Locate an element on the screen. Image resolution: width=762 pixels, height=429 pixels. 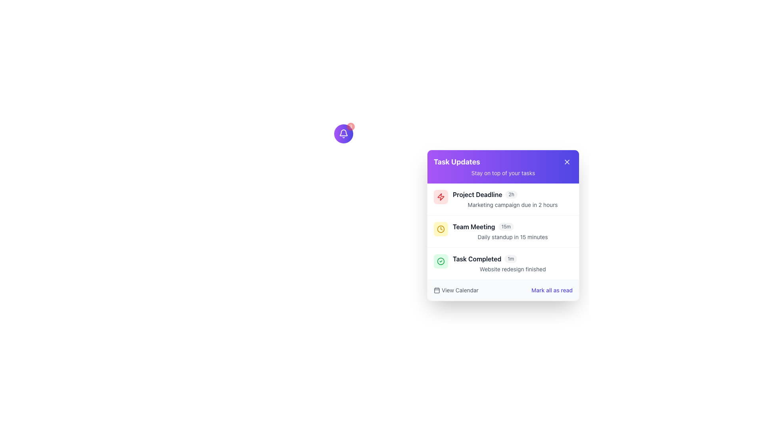
the third List item under 'Task Updates' to view its details, which indicates a completed task with its title and time since completion is located at coordinates (502, 263).